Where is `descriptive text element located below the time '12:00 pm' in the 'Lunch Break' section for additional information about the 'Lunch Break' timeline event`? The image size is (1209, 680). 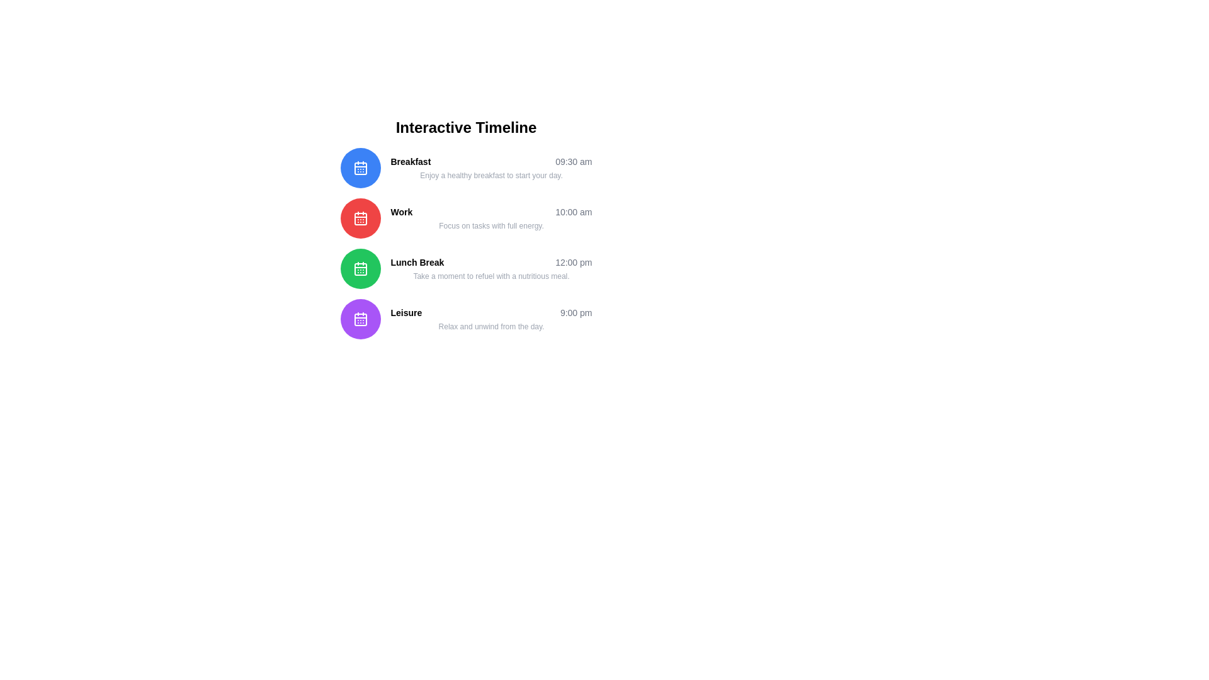 descriptive text element located below the time '12:00 pm' in the 'Lunch Break' section for additional information about the 'Lunch Break' timeline event is located at coordinates (491, 276).